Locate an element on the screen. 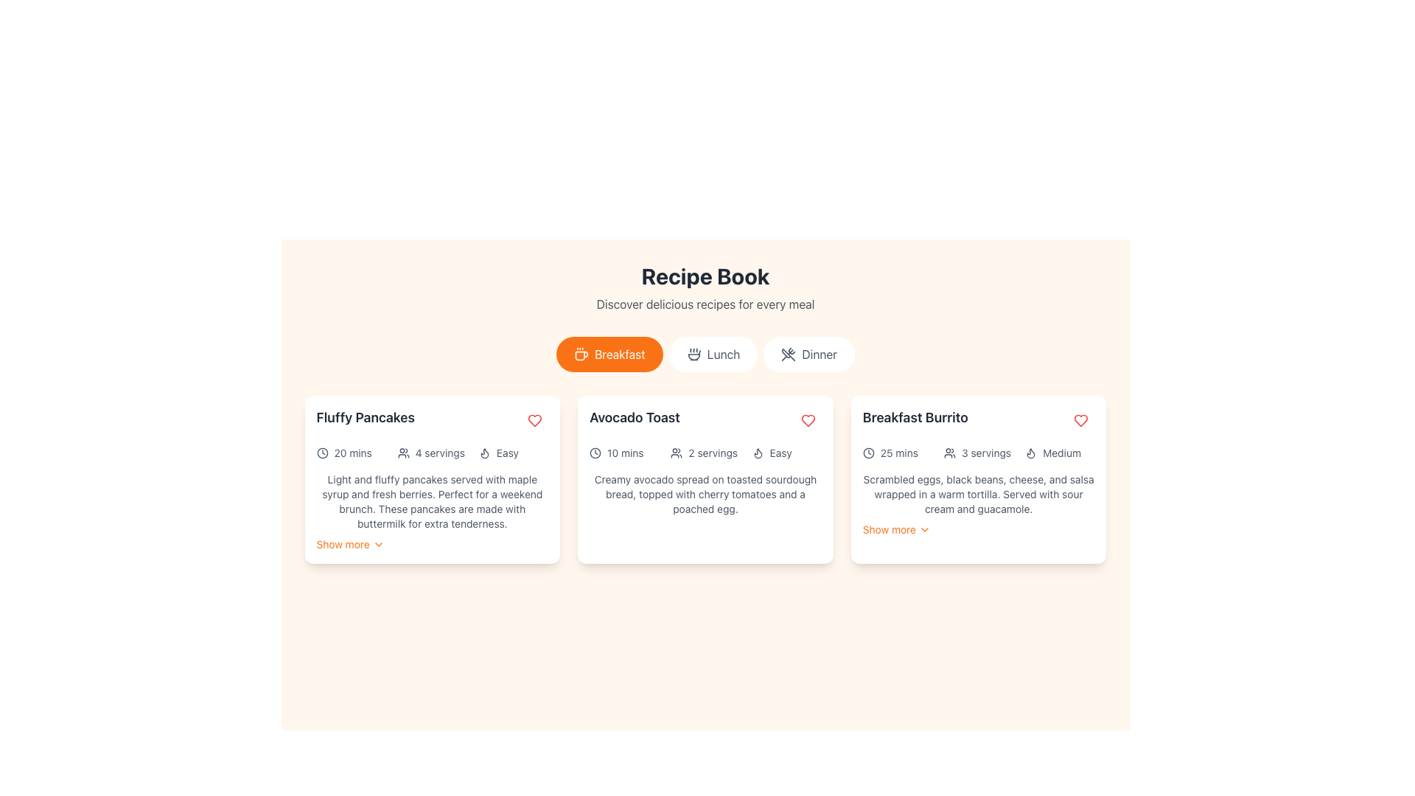 The image size is (1415, 796). time icon located in the top-left section of the 'Avocado Toast' card, which visually represents the concept of time and precedes the text '10 mins.' is located at coordinates (595, 452).